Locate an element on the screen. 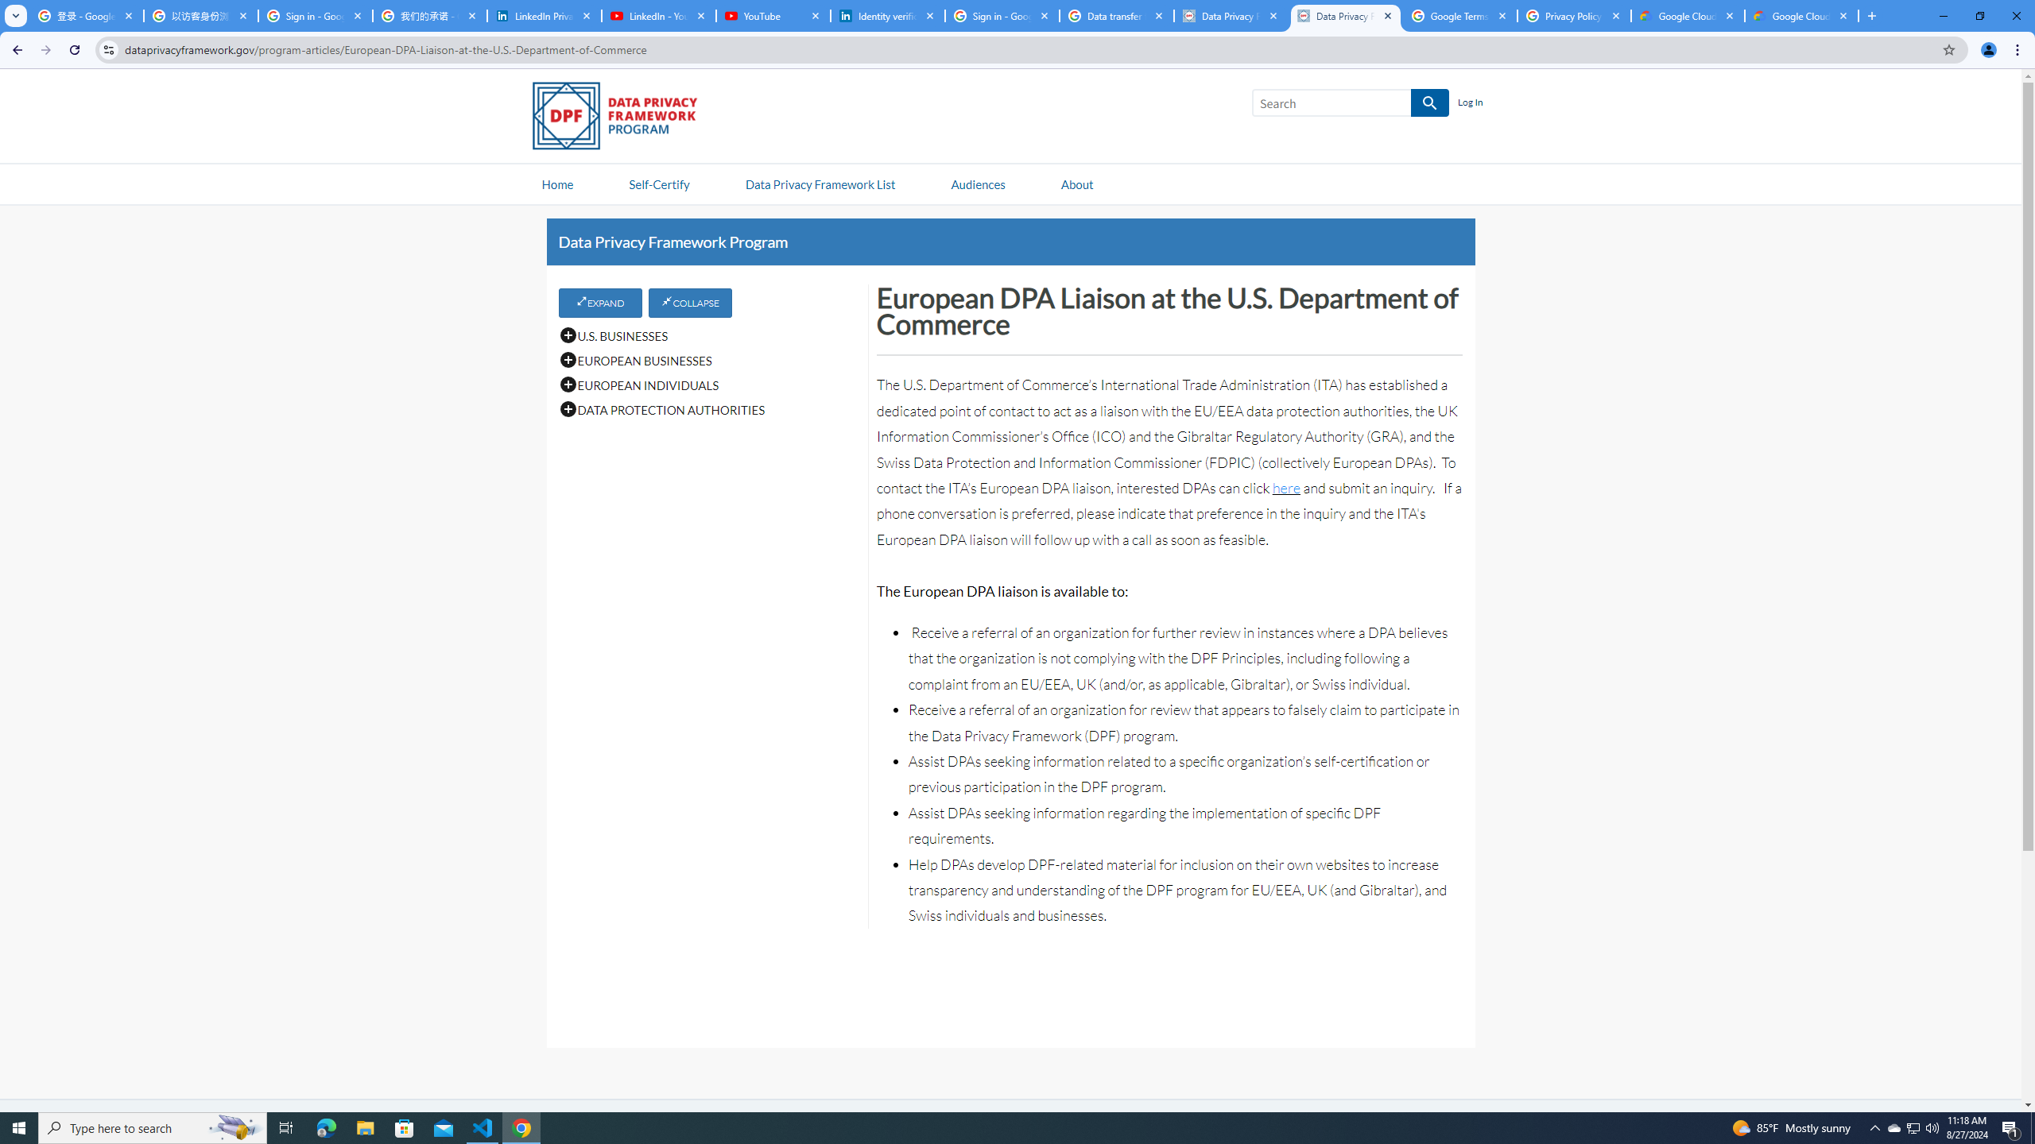  'Google Cloud Privacy Notice' is located at coordinates (1688, 15).